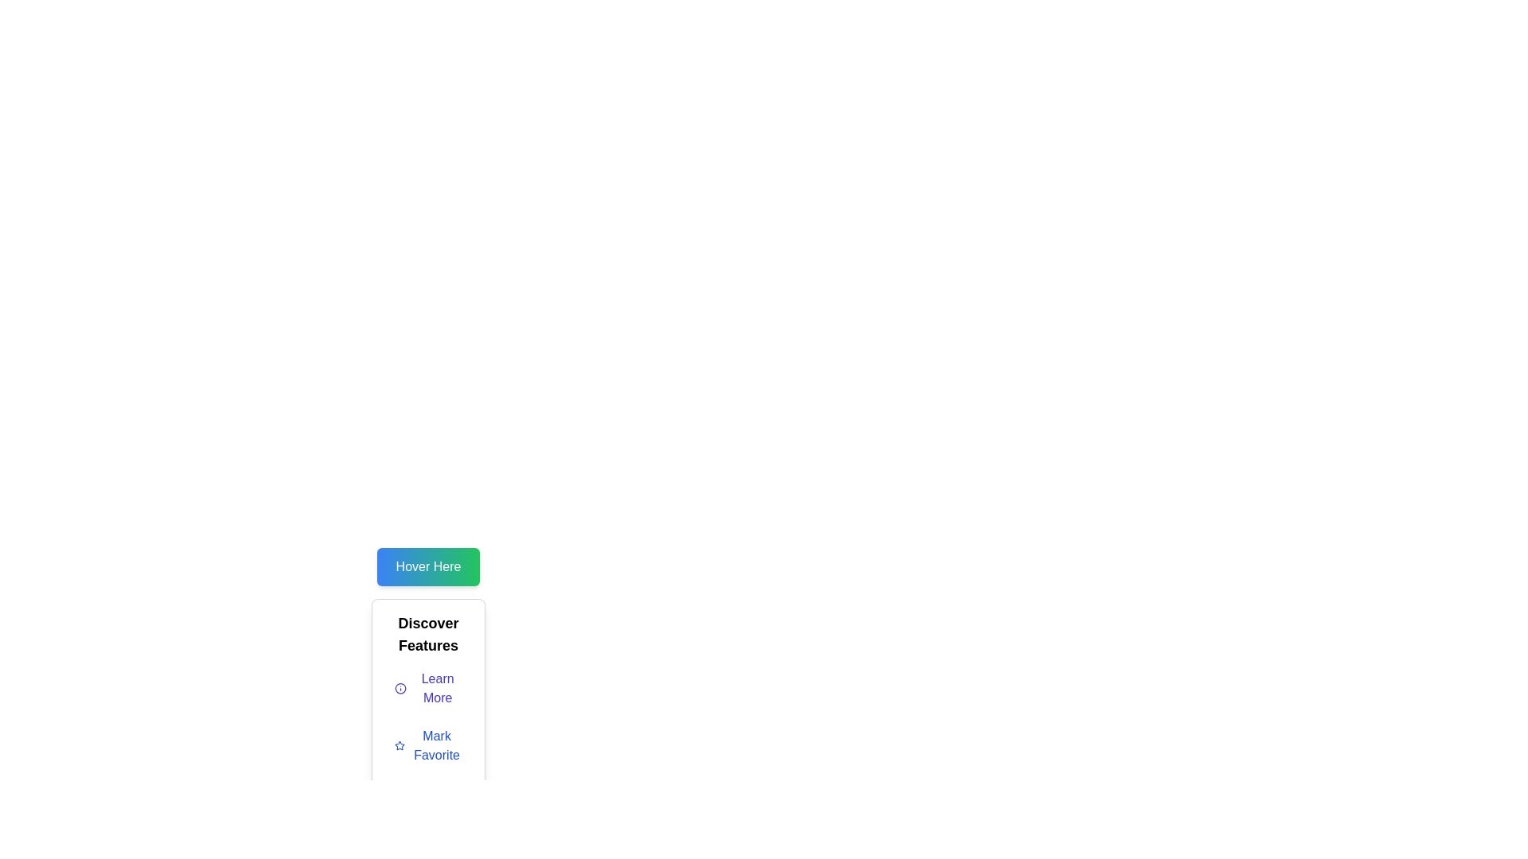 This screenshot has width=1528, height=859. Describe the element at coordinates (400, 745) in the screenshot. I see `the 'favorite' or 'highlight' icon located in the 'Discover Features' section, positioned between an information icon and text options` at that location.